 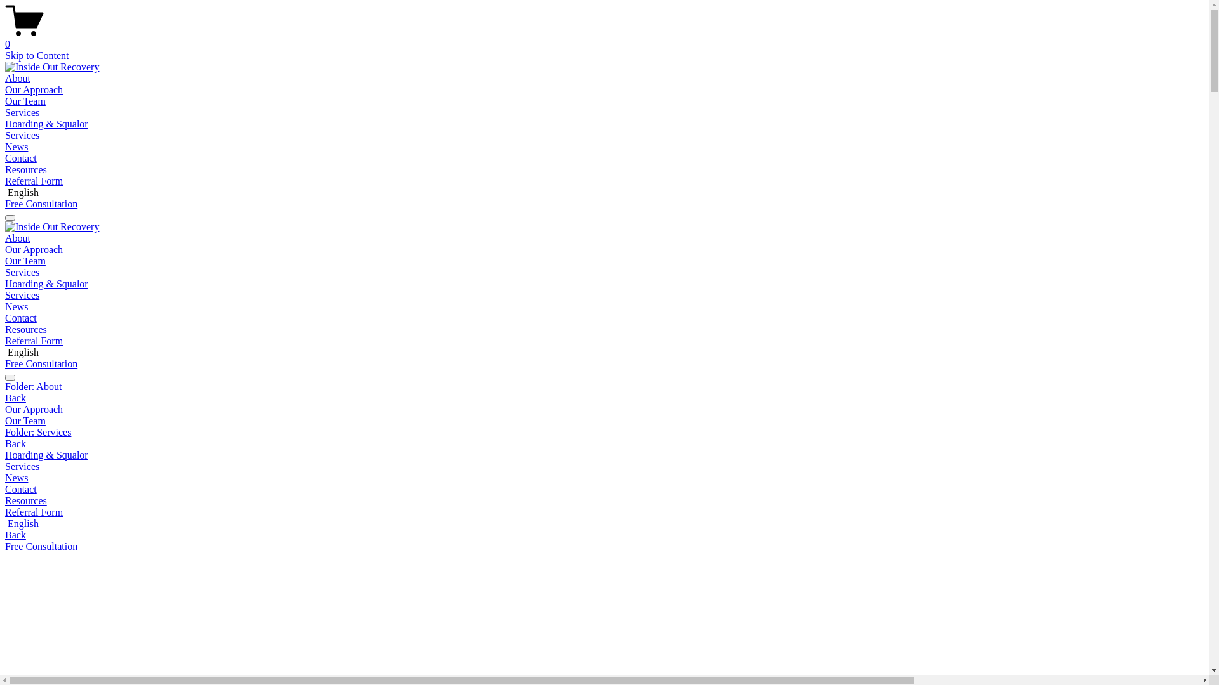 I want to click on 'Our Team', so click(x=604, y=421).